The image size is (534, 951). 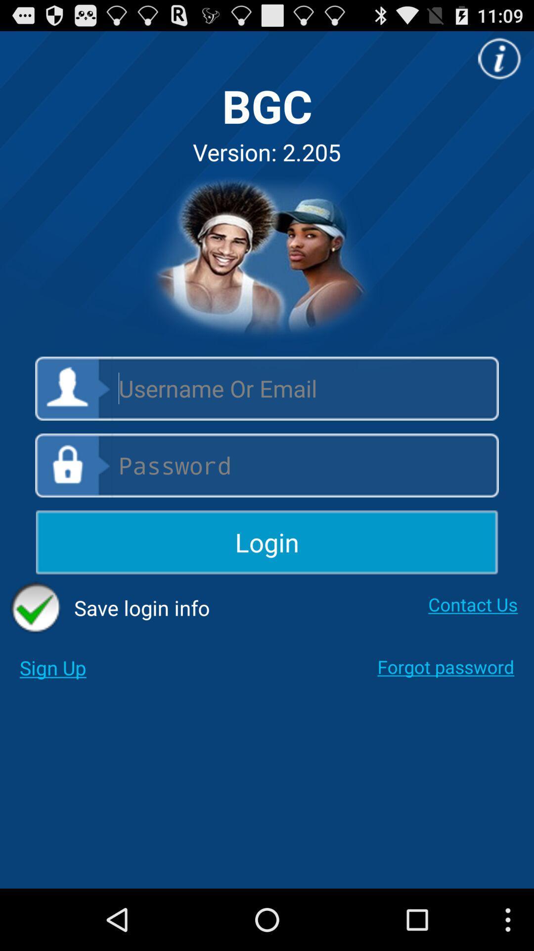 I want to click on sign up icon, so click(x=53, y=668).